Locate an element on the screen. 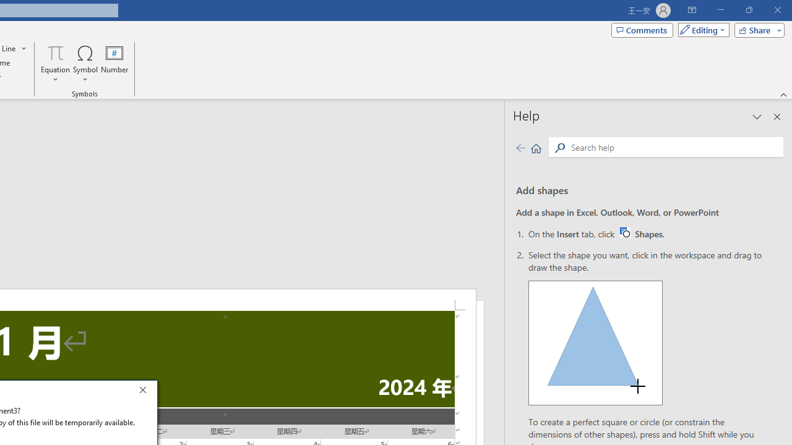 The image size is (792, 445). 'Mode' is located at coordinates (701, 29).